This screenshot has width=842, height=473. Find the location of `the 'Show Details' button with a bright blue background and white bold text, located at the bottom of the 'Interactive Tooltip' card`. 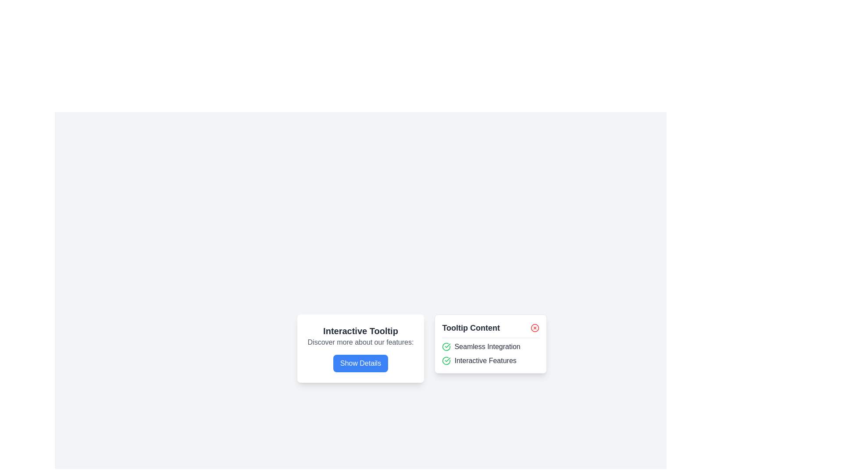

the 'Show Details' button with a bright blue background and white bold text, located at the bottom of the 'Interactive Tooltip' card is located at coordinates (360, 363).